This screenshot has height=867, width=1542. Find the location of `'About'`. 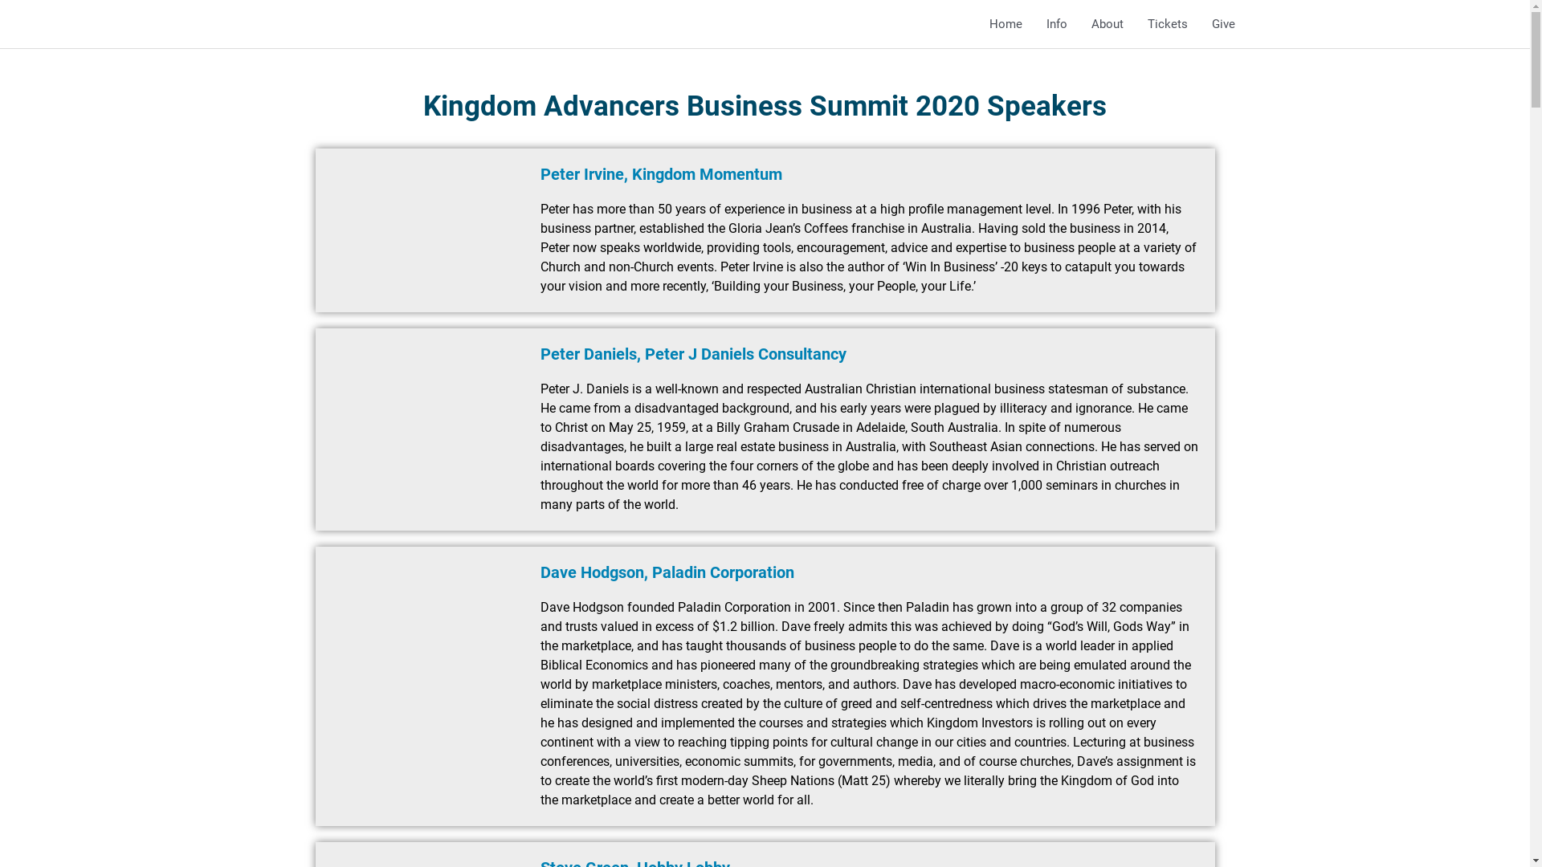

'About' is located at coordinates (1106, 24).